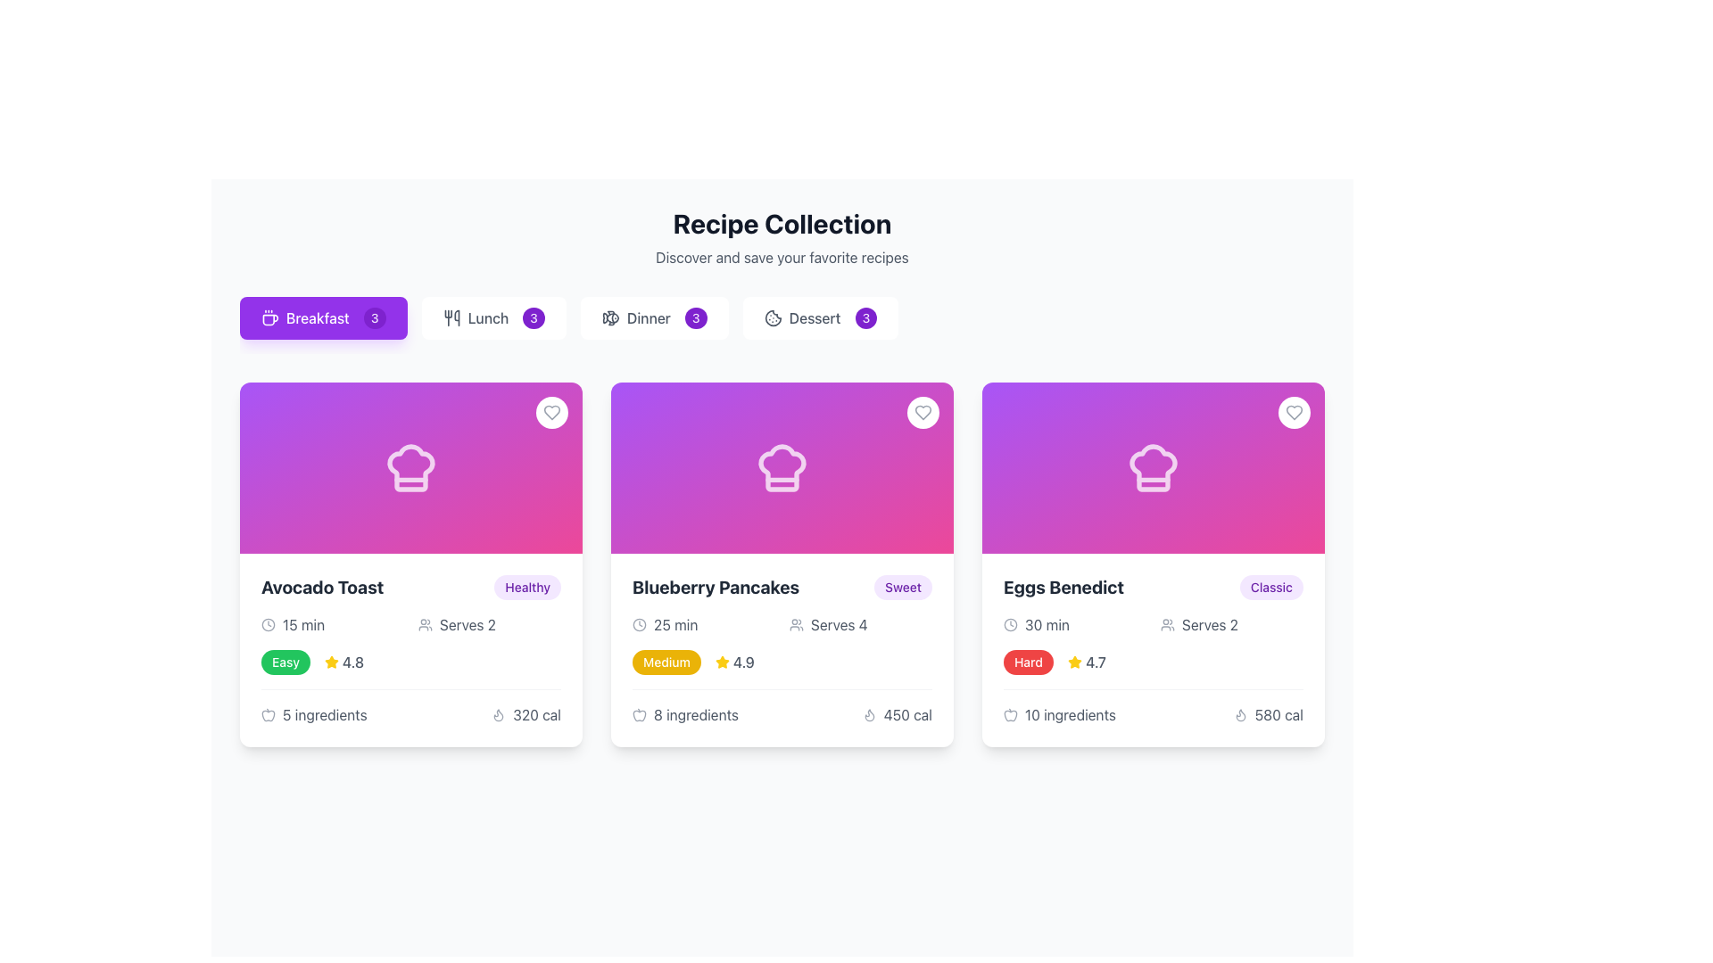 This screenshot has width=1713, height=963. What do you see at coordinates (795, 624) in the screenshot?
I see `the gray group avatars icon located to the left of the 'Serves 4' text in the second card labeled 'Blueberry Pancakes'` at bounding box center [795, 624].